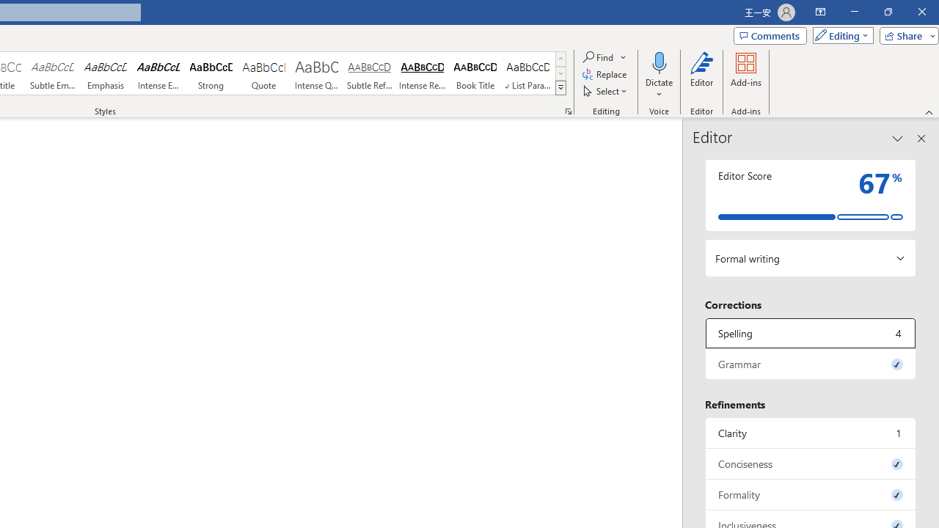 This screenshot has height=528, width=939. Describe the element at coordinates (810, 333) in the screenshot. I see `'Spelling, 4 issues. Press space or enter to review items.'` at that location.